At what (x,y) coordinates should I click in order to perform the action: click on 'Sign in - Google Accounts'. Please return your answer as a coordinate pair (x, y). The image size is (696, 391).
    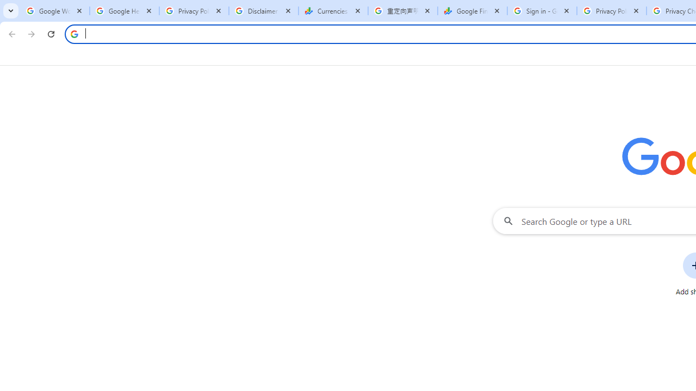
    Looking at the image, I should click on (542, 11).